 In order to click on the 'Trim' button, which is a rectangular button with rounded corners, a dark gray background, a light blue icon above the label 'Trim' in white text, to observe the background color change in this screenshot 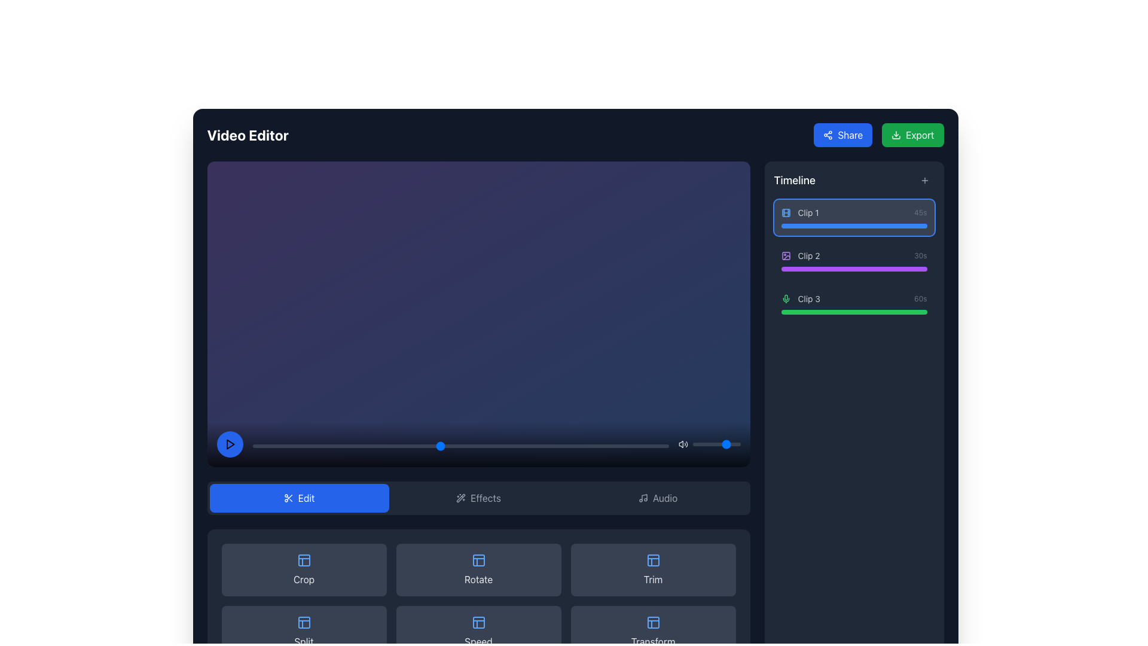, I will do `click(652, 569)`.